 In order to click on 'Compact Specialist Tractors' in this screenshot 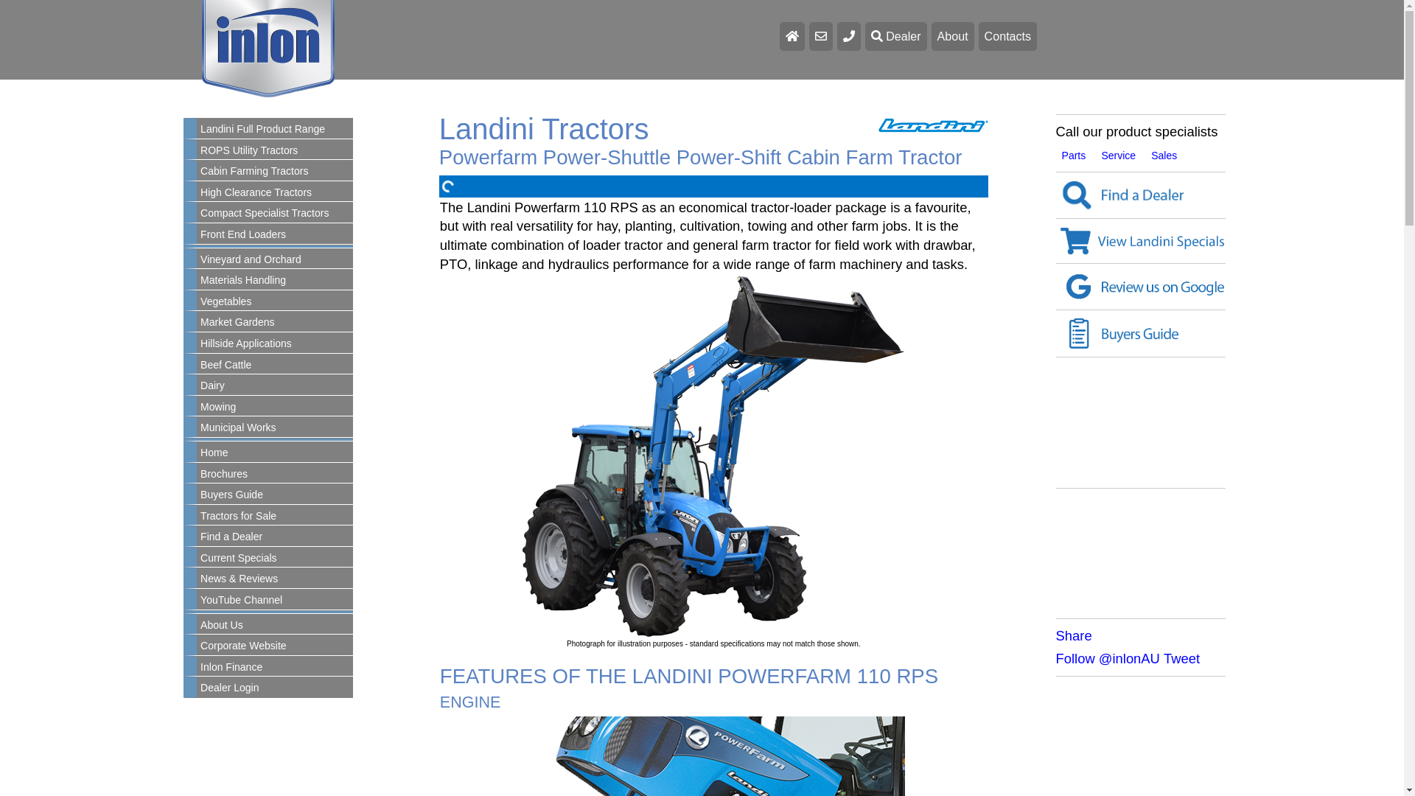, I will do `click(275, 213)`.